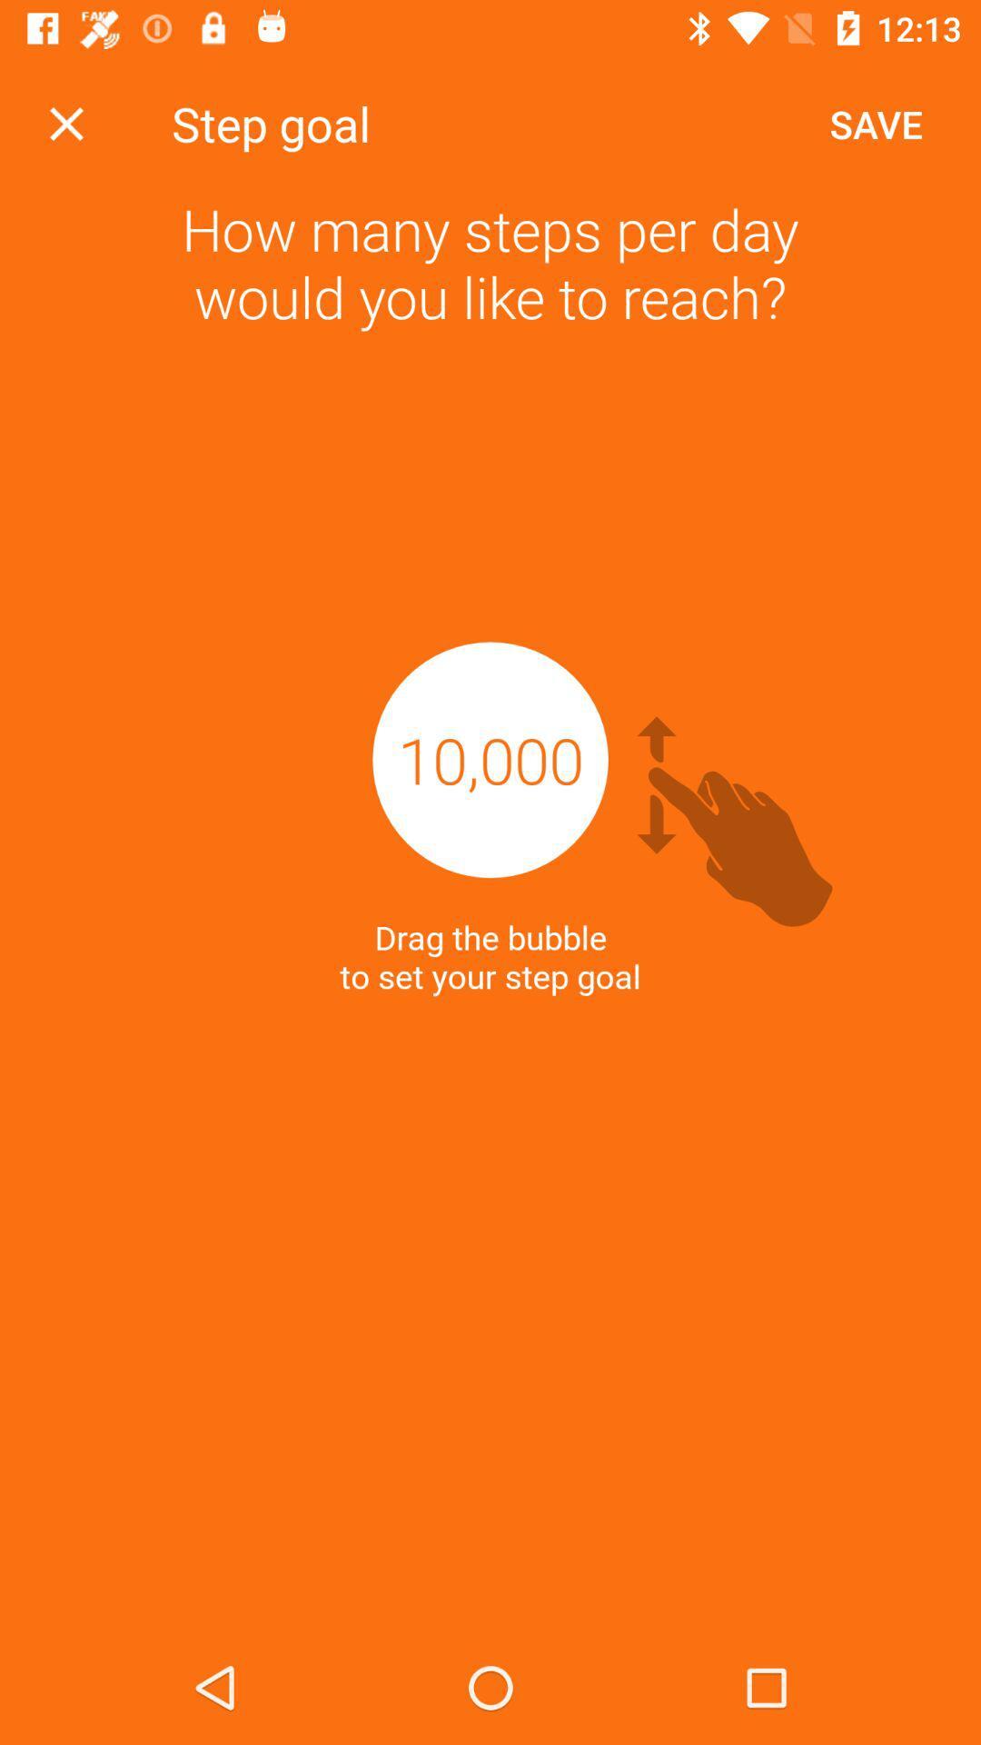 This screenshot has width=981, height=1745. Describe the element at coordinates (875, 123) in the screenshot. I see `save item` at that location.